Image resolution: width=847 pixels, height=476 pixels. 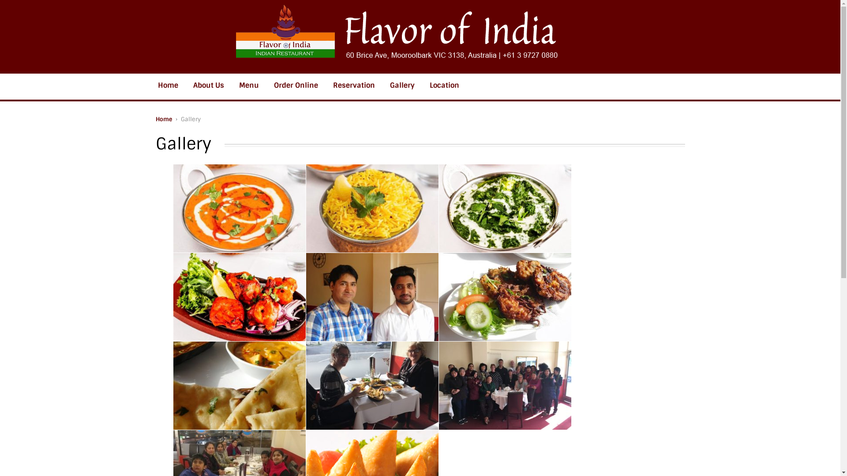 I want to click on 'image-4', so click(x=239, y=297).